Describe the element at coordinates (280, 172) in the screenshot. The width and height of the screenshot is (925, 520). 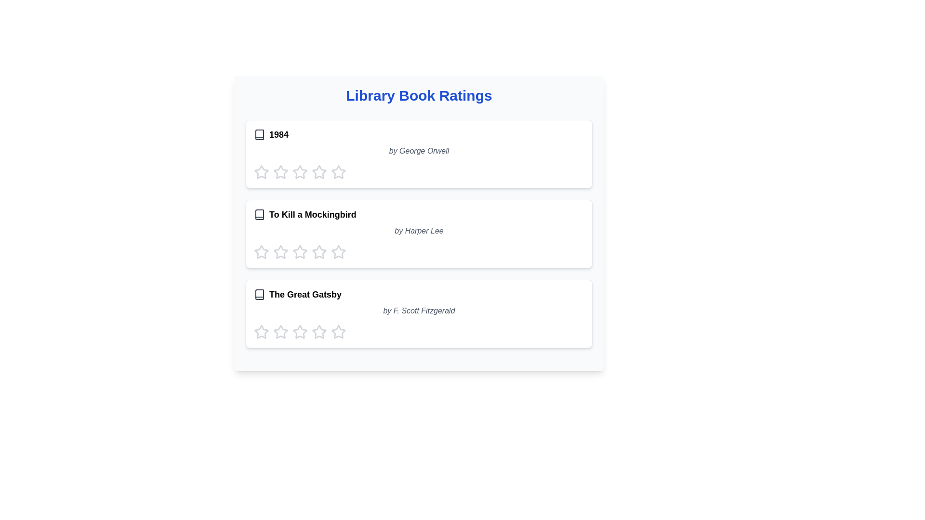
I see `the second star in the interactive star rating icon group below the book title '1984'` at that location.